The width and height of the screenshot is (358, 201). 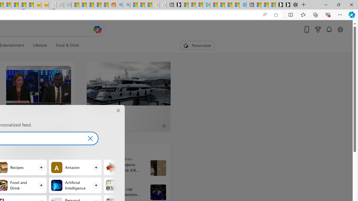 What do you see at coordinates (75, 167) in the screenshot?
I see `'Follow Amazon'` at bounding box center [75, 167].